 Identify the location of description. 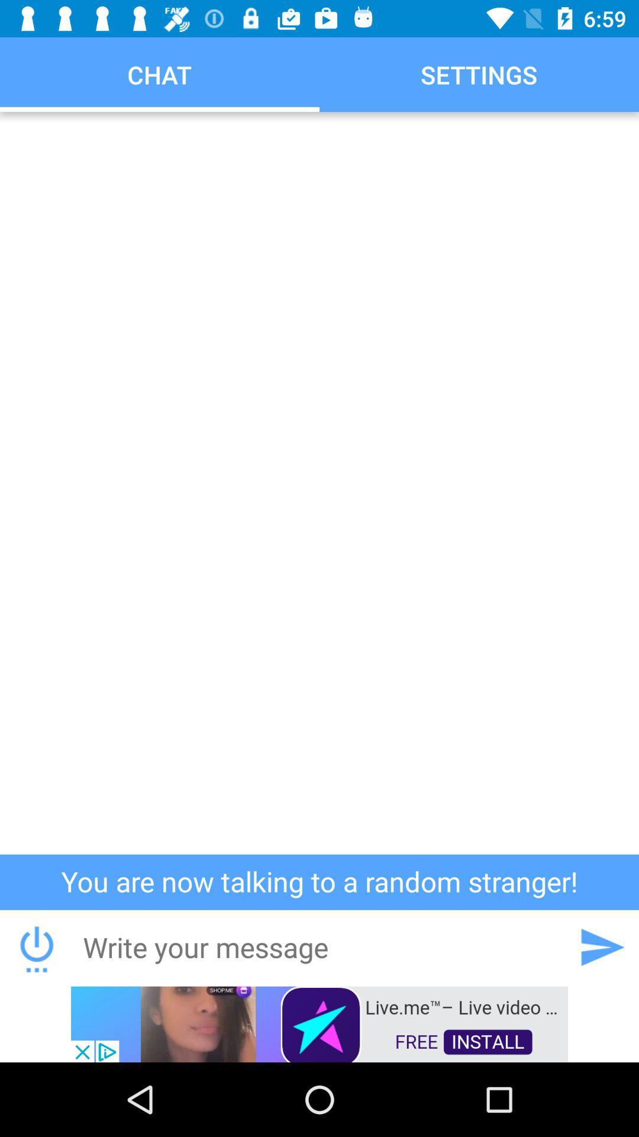
(319, 483).